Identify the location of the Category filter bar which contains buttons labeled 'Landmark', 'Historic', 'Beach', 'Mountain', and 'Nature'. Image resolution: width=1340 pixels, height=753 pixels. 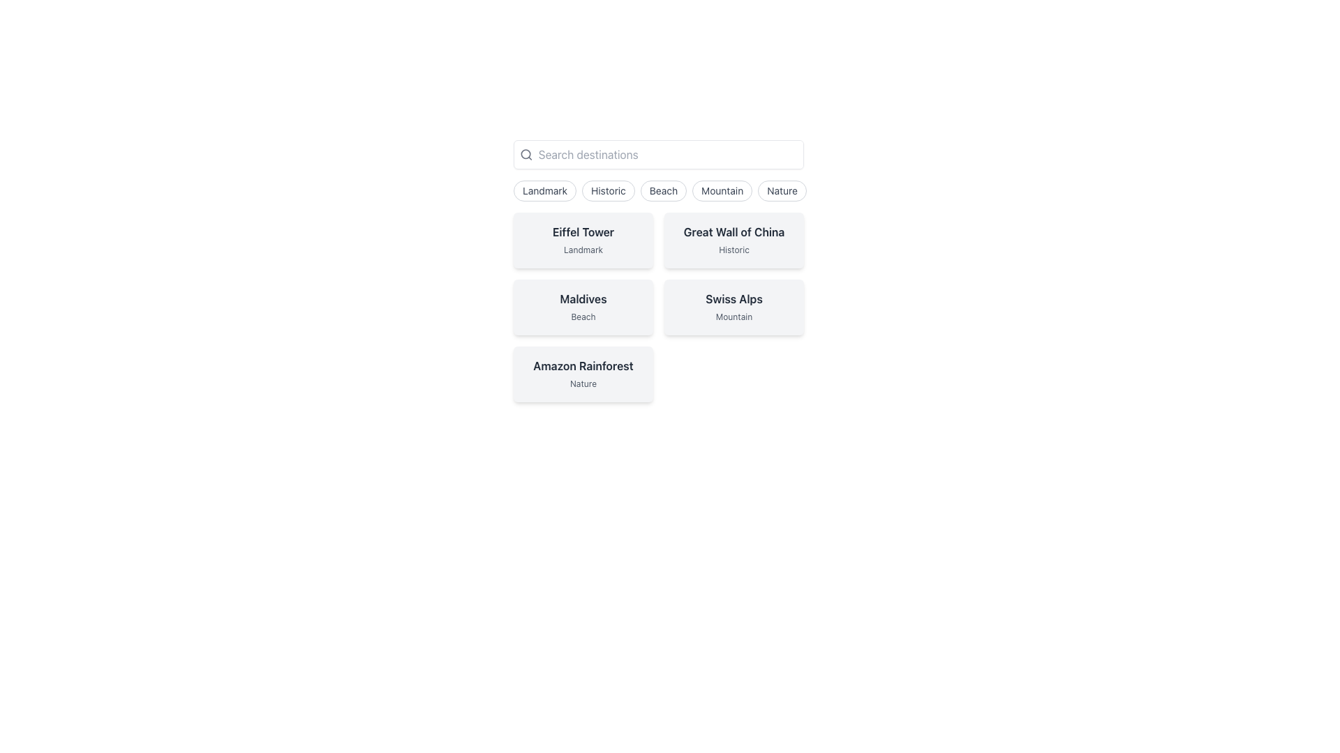
(658, 190).